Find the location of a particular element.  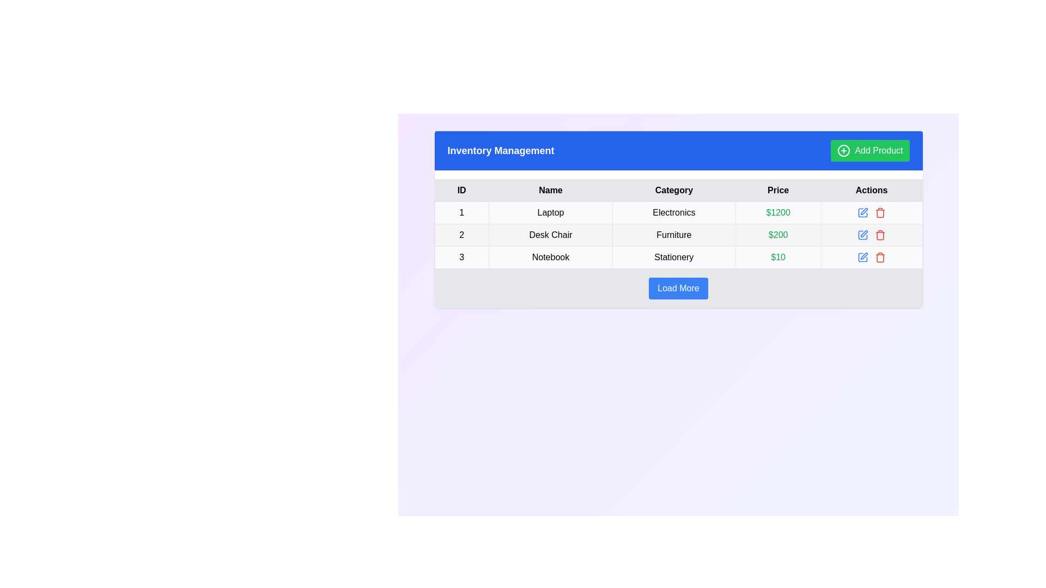

the third row in the Inventory Management table, which displays item details including ID, name, category, and price is located at coordinates (678, 258).